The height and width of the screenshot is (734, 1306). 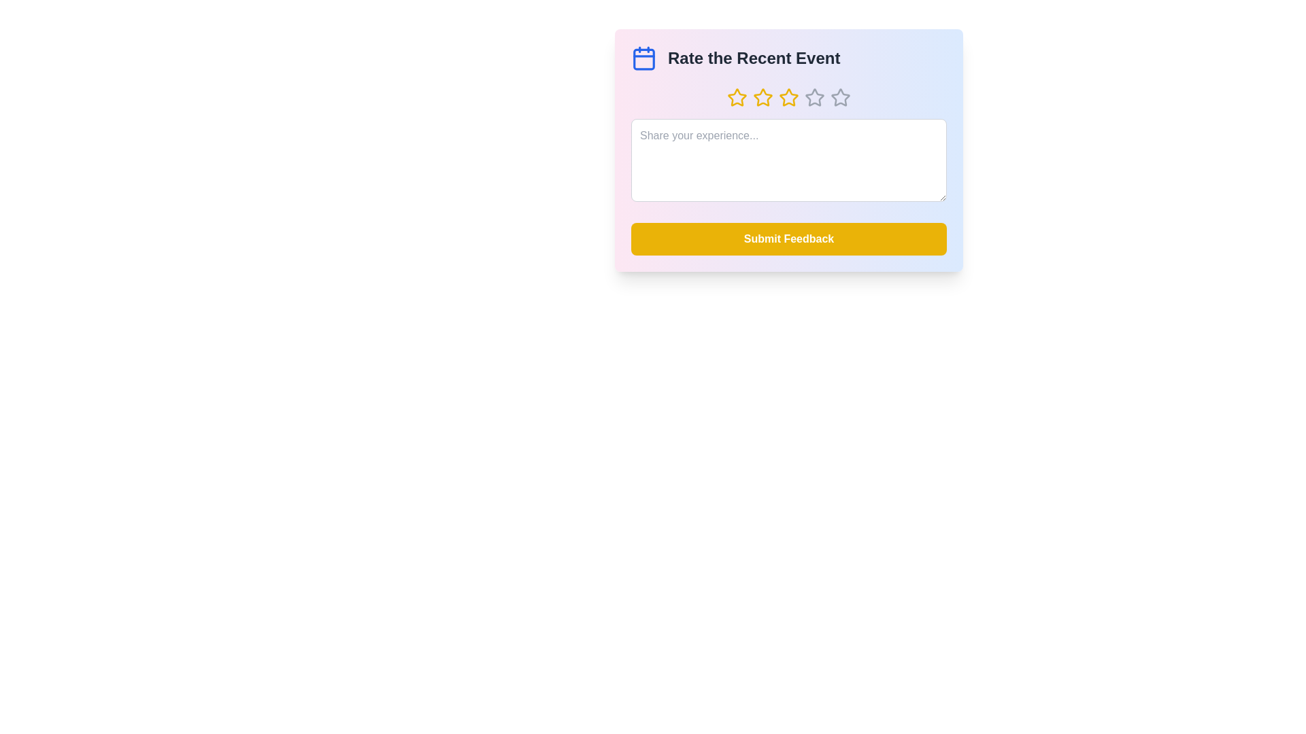 I want to click on the text area to focus on it, so click(x=789, y=159).